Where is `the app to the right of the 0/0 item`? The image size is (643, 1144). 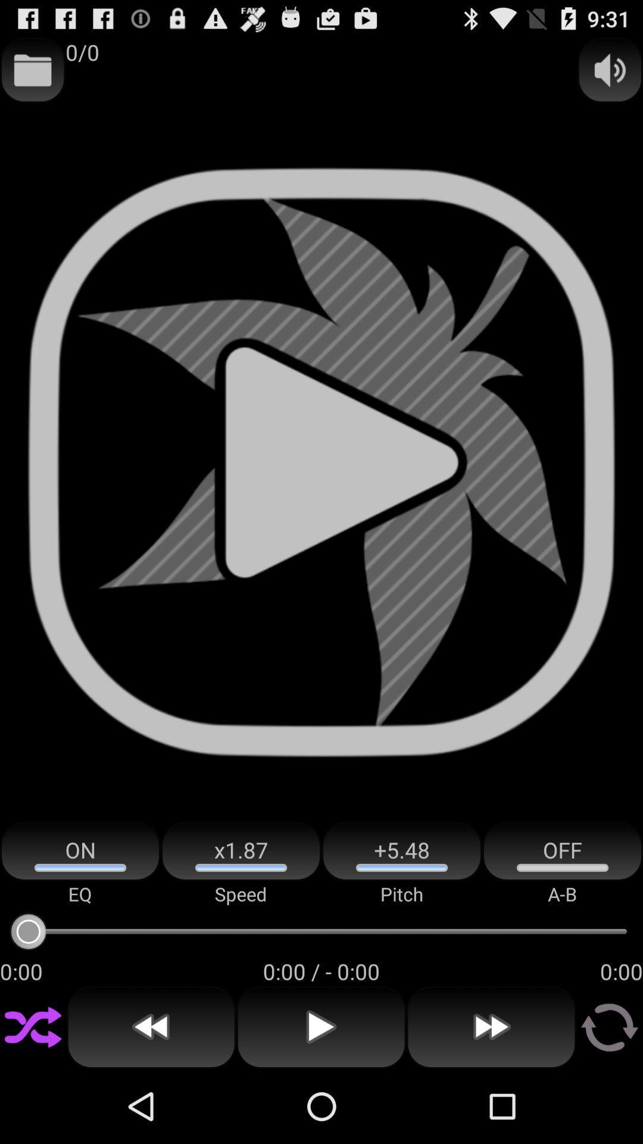
the app to the right of the 0/0 item is located at coordinates (610, 70).